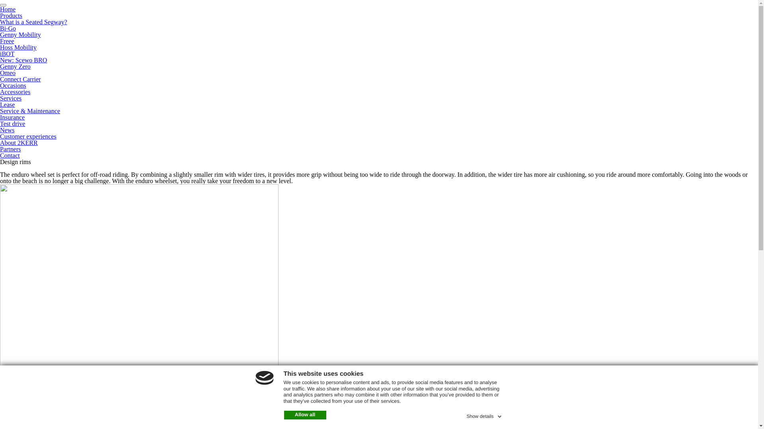  What do you see at coordinates (12, 124) in the screenshot?
I see `'Test drive'` at bounding box center [12, 124].